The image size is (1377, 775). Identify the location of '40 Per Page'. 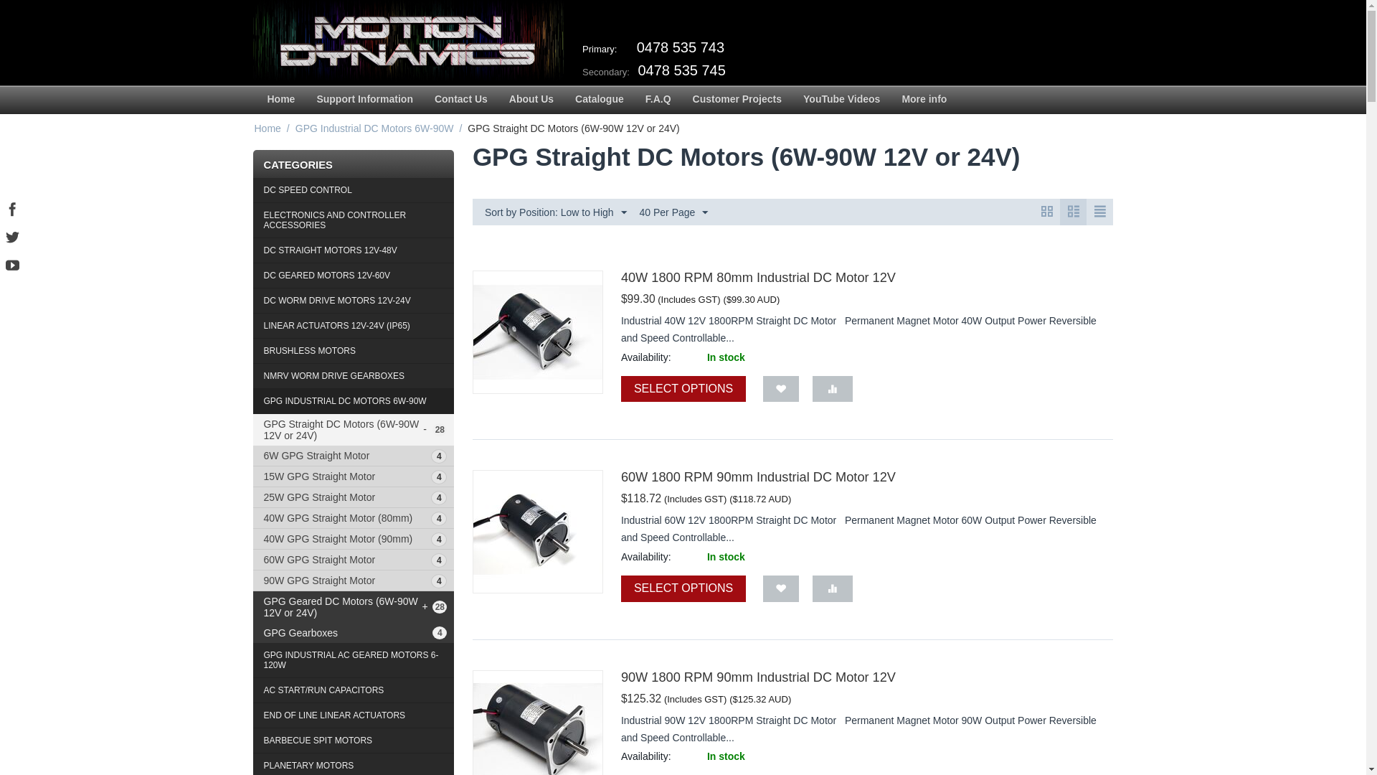
(633, 211).